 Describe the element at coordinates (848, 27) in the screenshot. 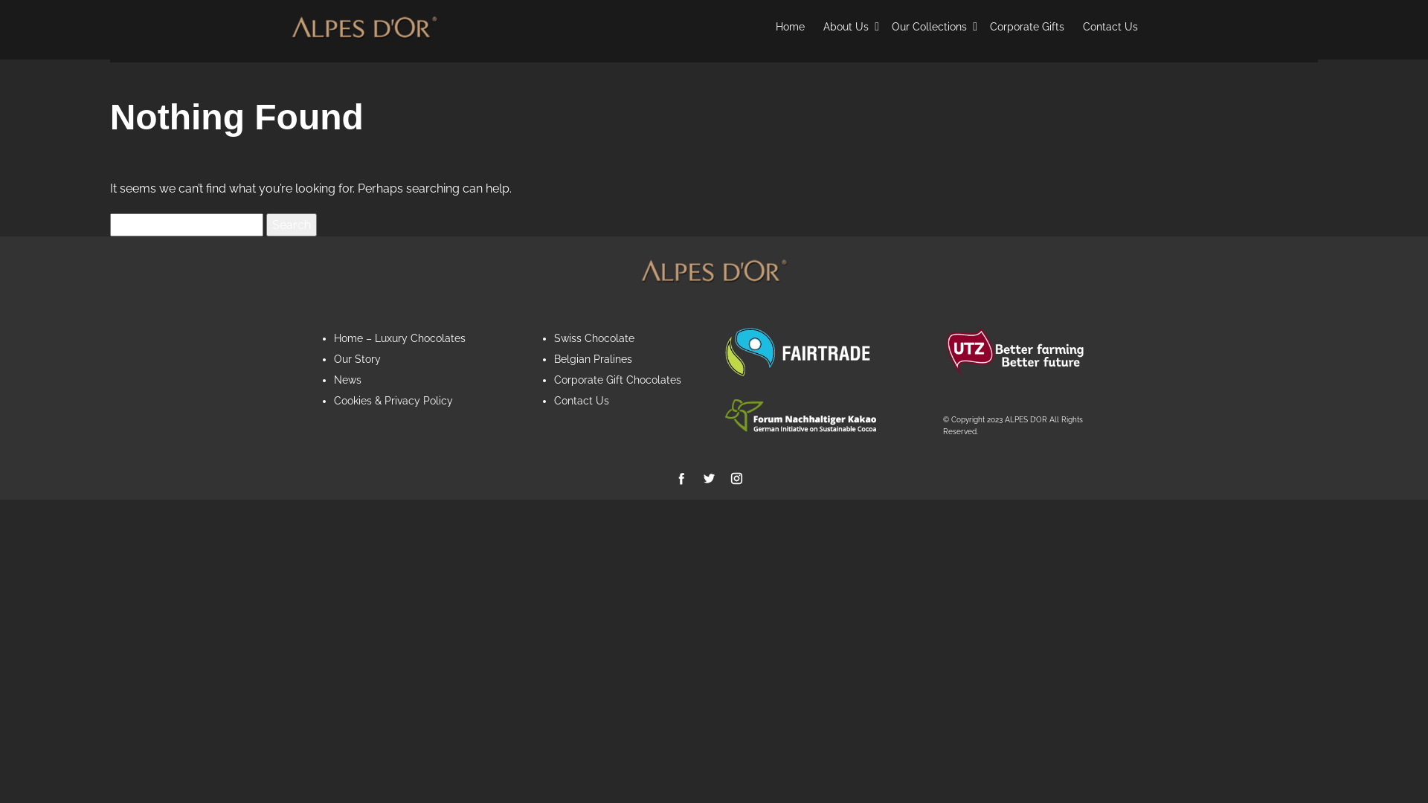

I see `'About Us'` at that location.